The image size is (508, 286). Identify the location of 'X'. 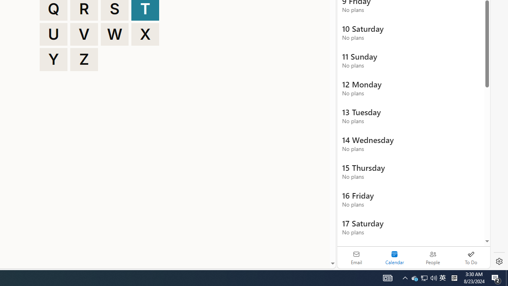
(145, 34).